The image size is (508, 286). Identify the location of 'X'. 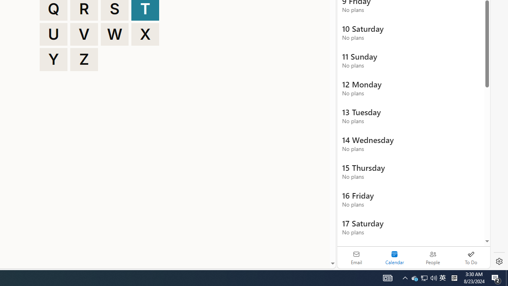
(145, 34).